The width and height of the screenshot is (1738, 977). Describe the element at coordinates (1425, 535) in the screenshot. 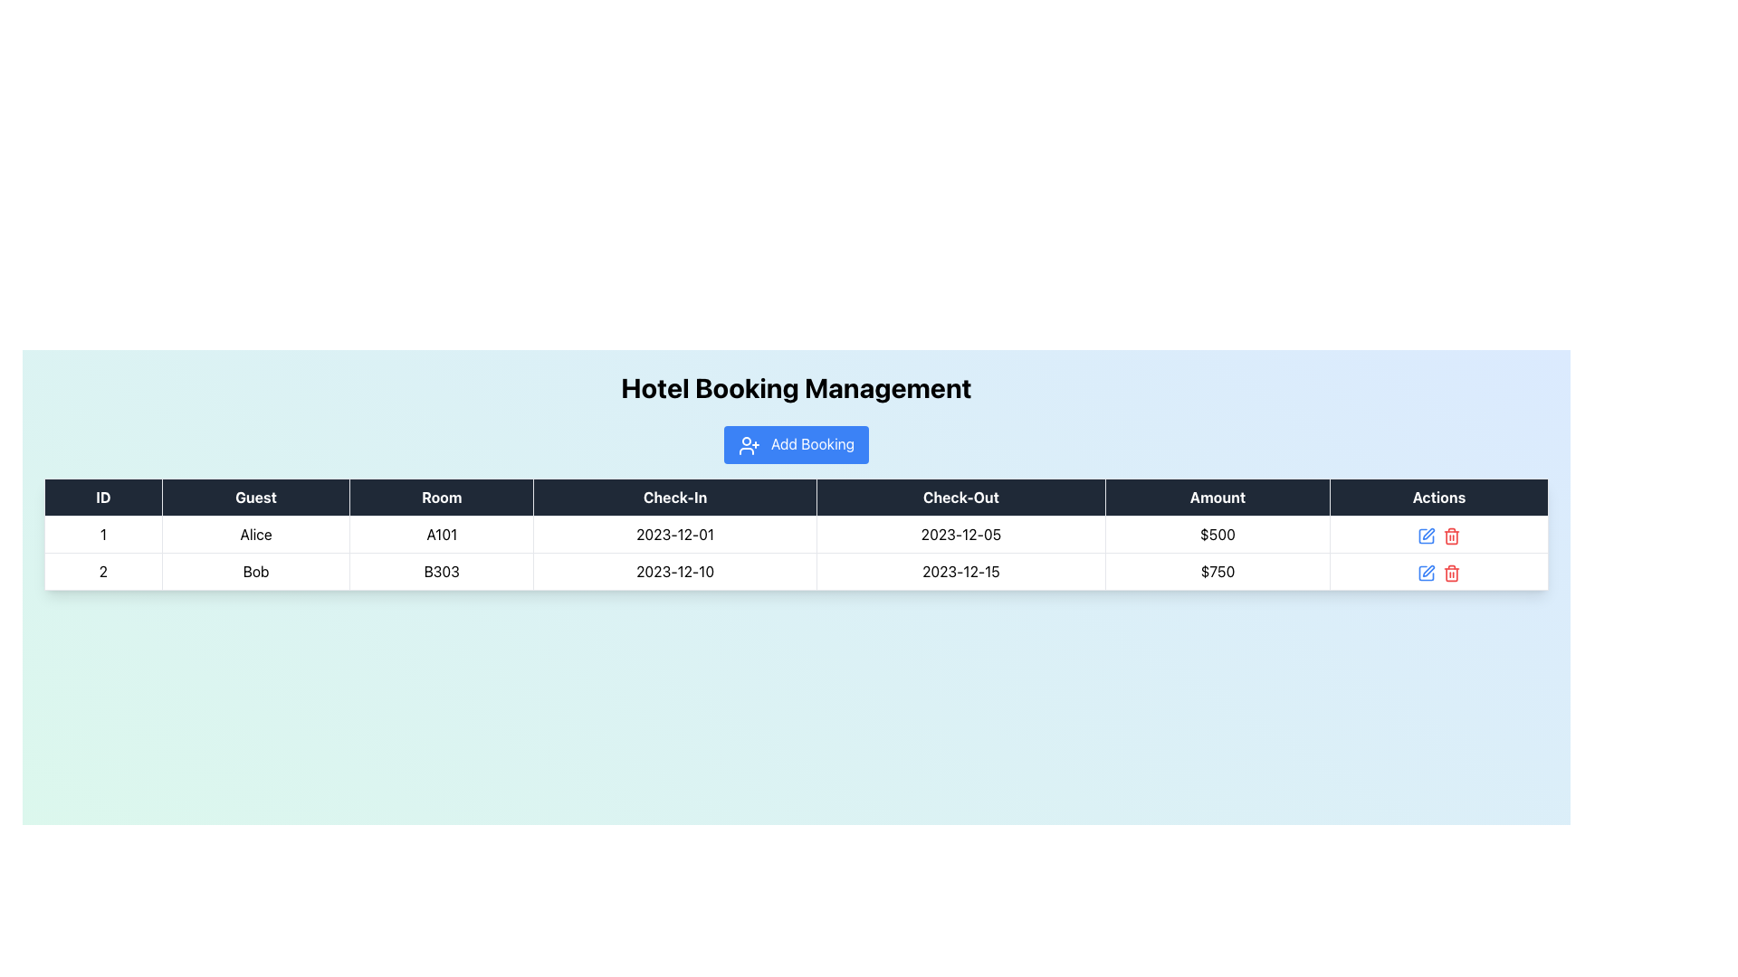

I see `the square-pen icon located in the 'Actions' column of the first row` at that location.